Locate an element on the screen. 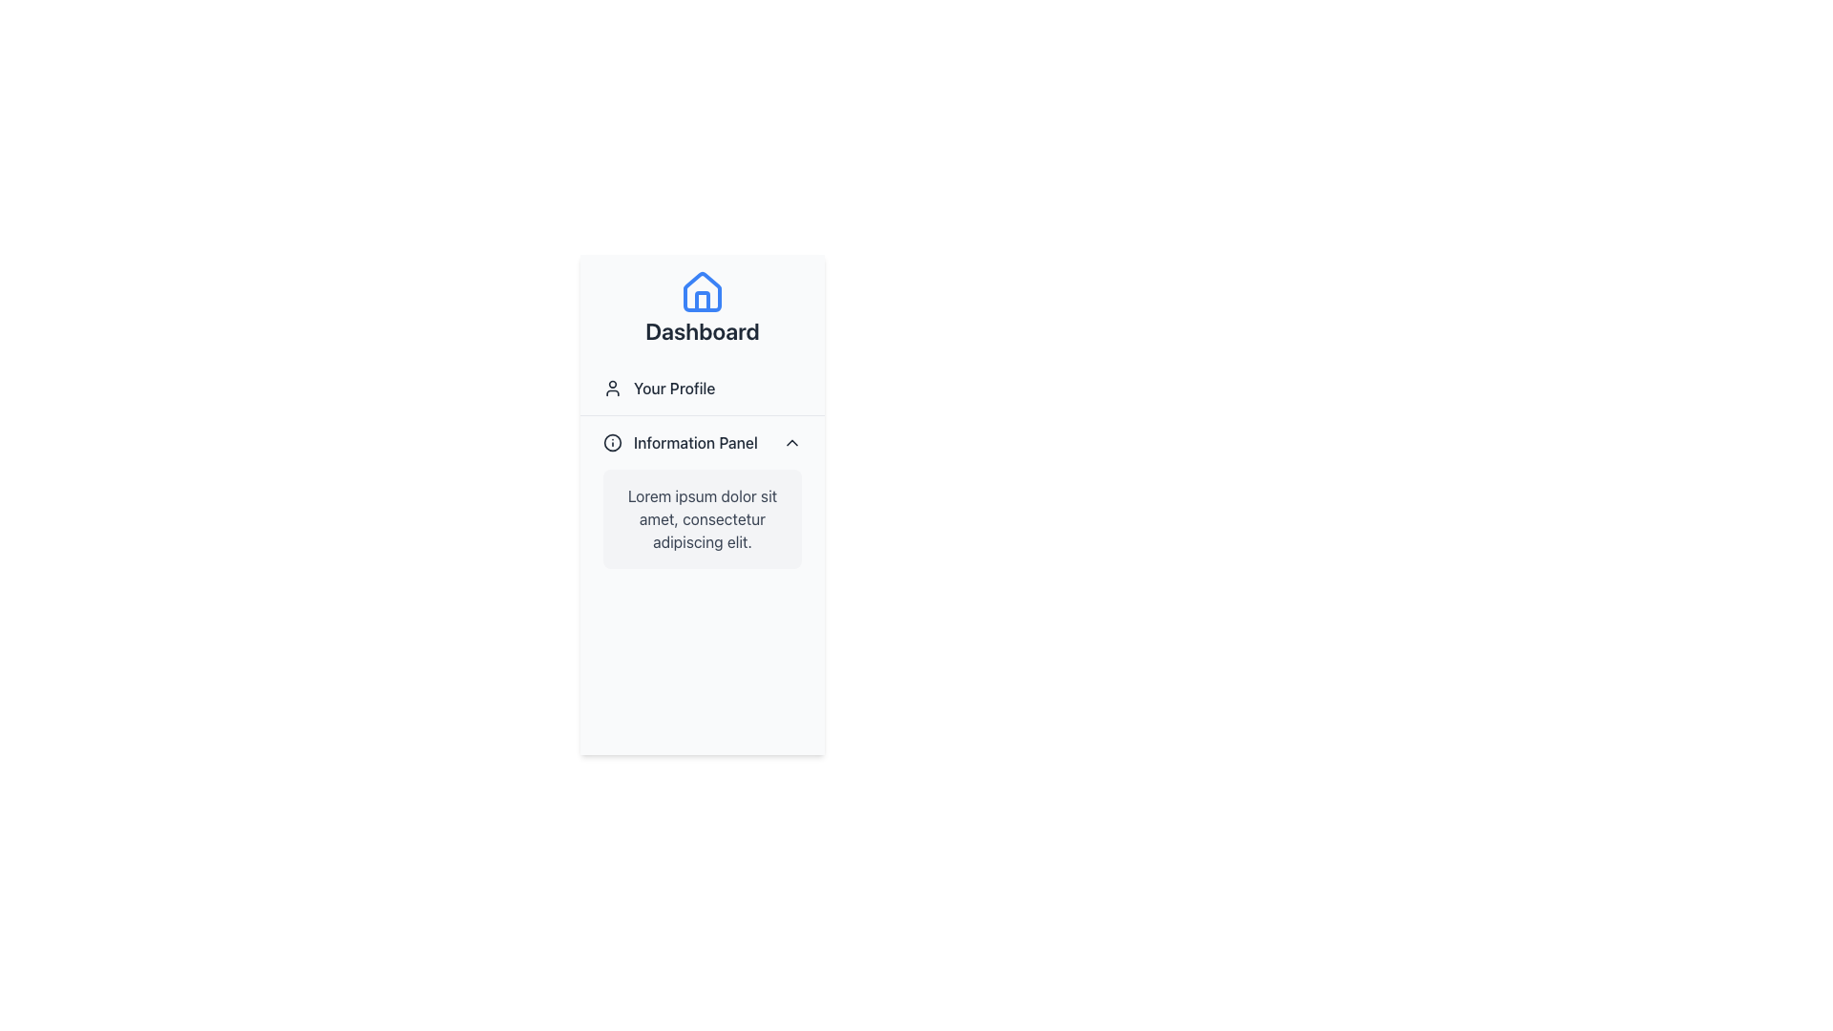 The image size is (1833, 1031). the circular graphical shape that represents an SVG circle element located within the information icon in the user interface is located at coordinates (613, 442).